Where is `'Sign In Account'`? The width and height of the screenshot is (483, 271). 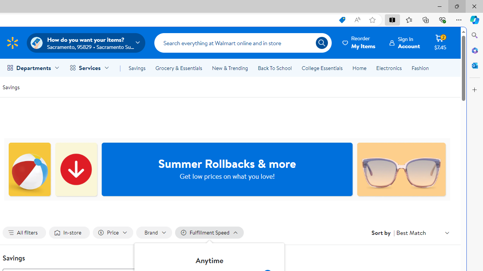 'Sign In Account' is located at coordinates (405, 43).